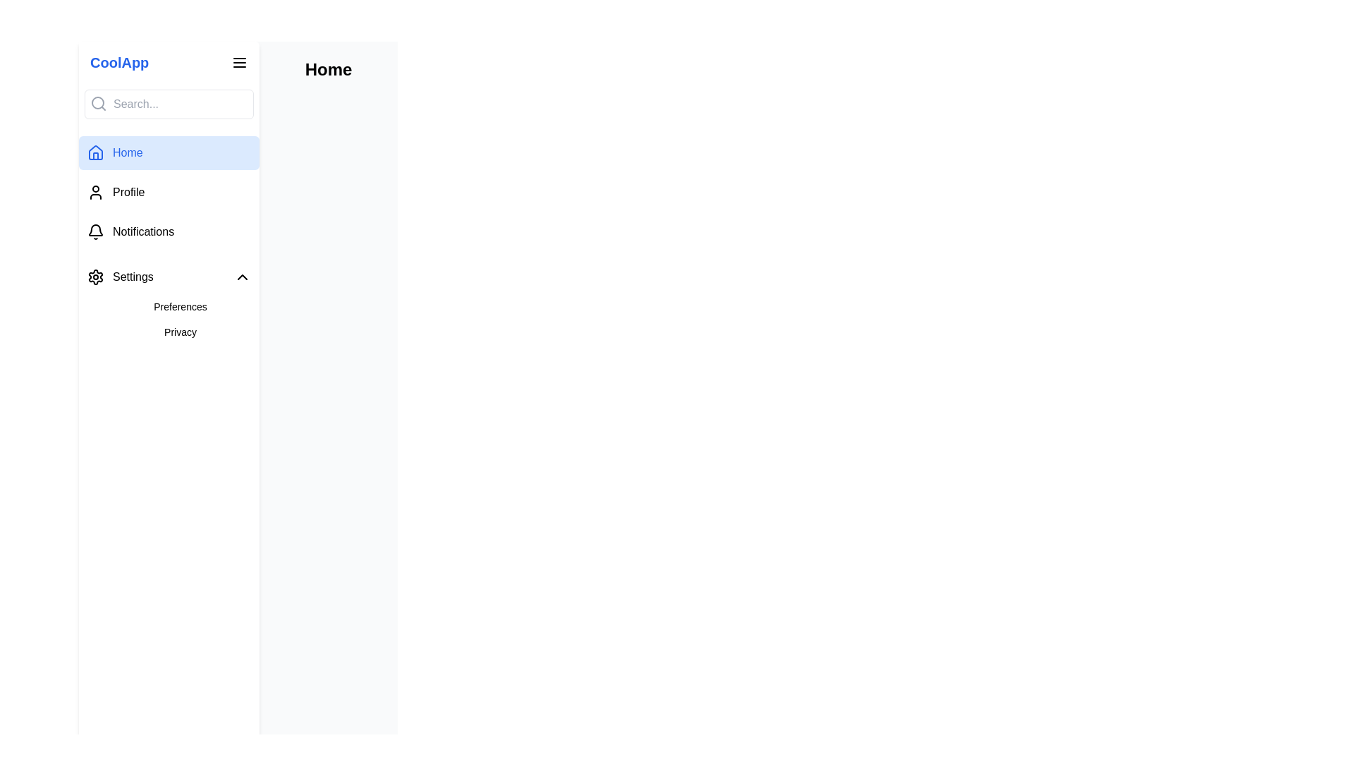 The width and height of the screenshot is (1354, 762). What do you see at coordinates (94, 231) in the screenshot?
I see `the bell icon located in the left navigation panel, positioned to the left of the text 'Notifications', below 'Profile', and above 'Settings'` at bounding box center [94, 231].